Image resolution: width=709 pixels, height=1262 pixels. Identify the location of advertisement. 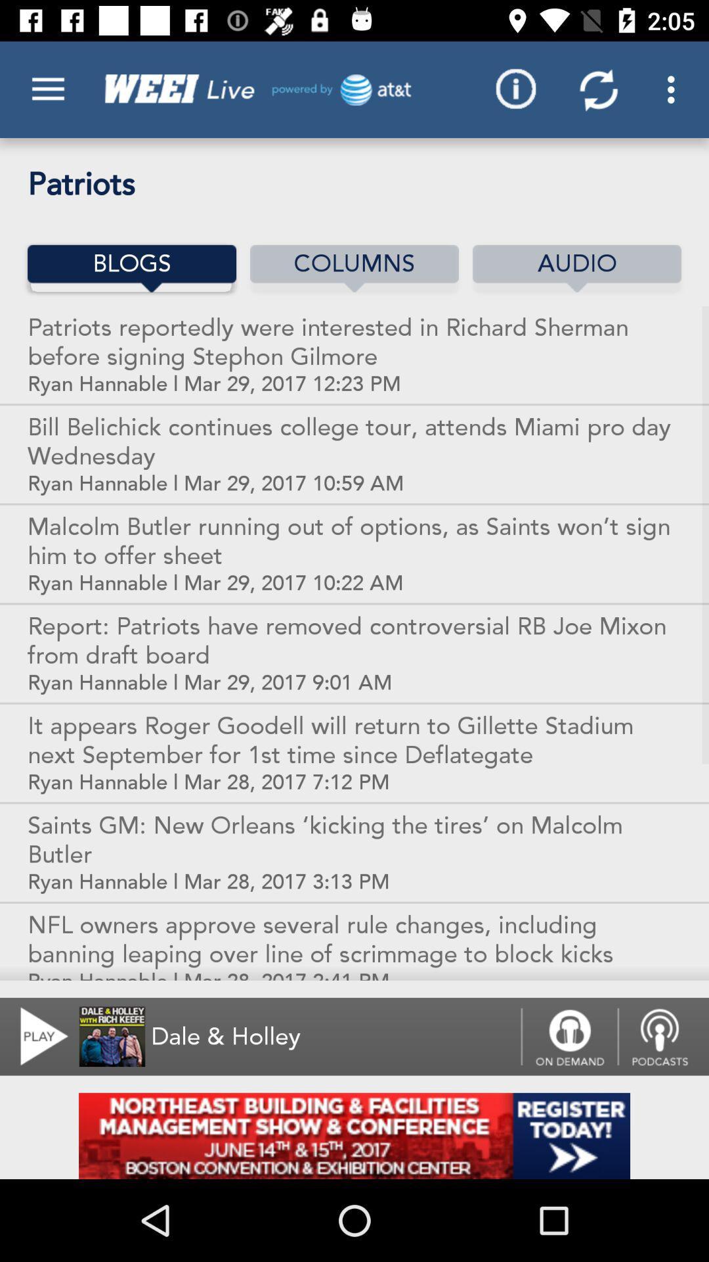
(354, 1135).